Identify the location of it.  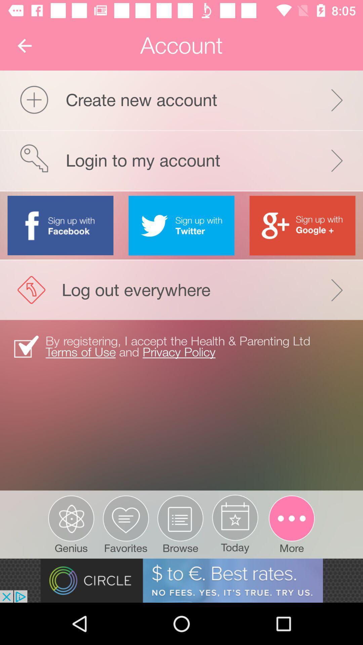
(182, 225).